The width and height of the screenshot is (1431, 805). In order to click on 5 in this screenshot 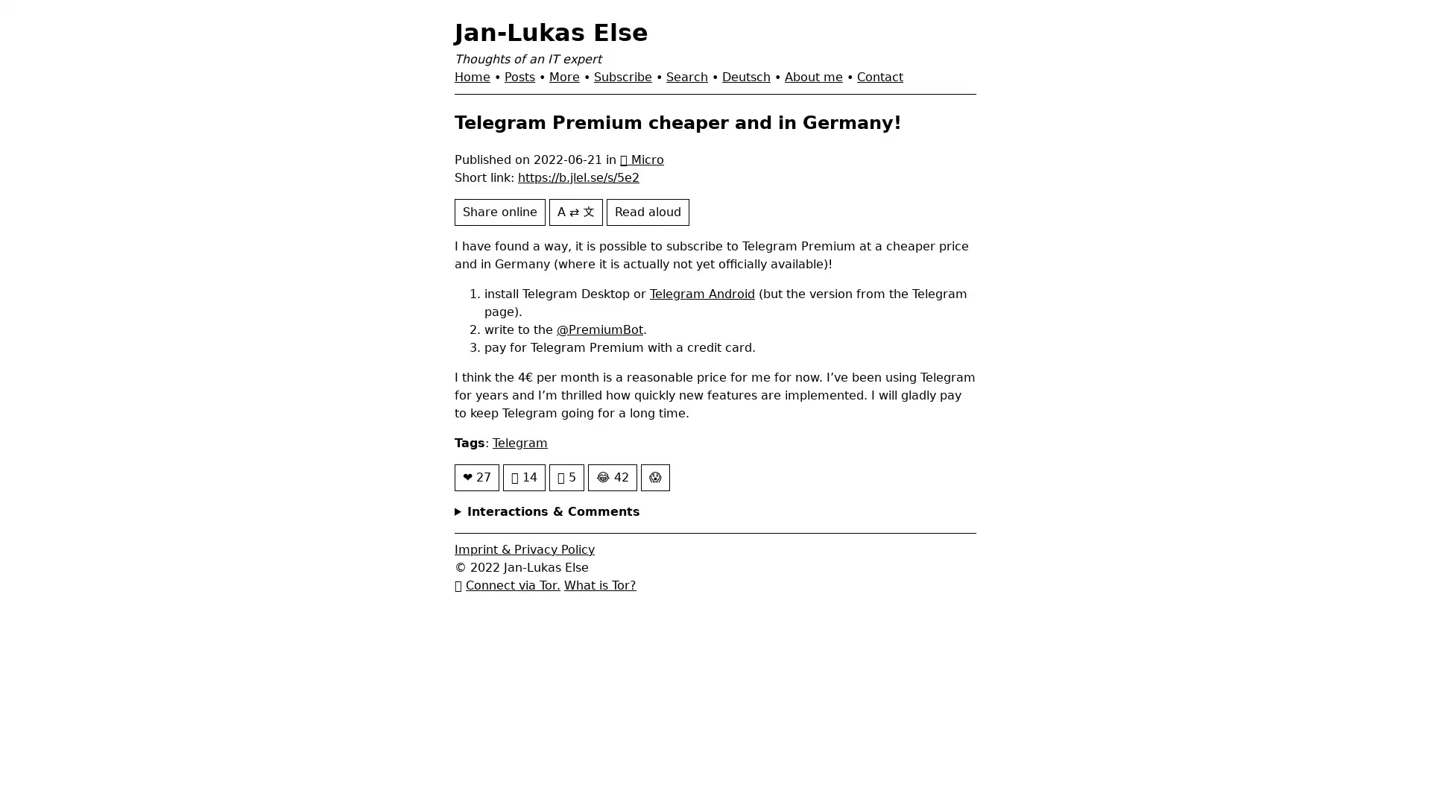, I will do `click(566, 477)`.